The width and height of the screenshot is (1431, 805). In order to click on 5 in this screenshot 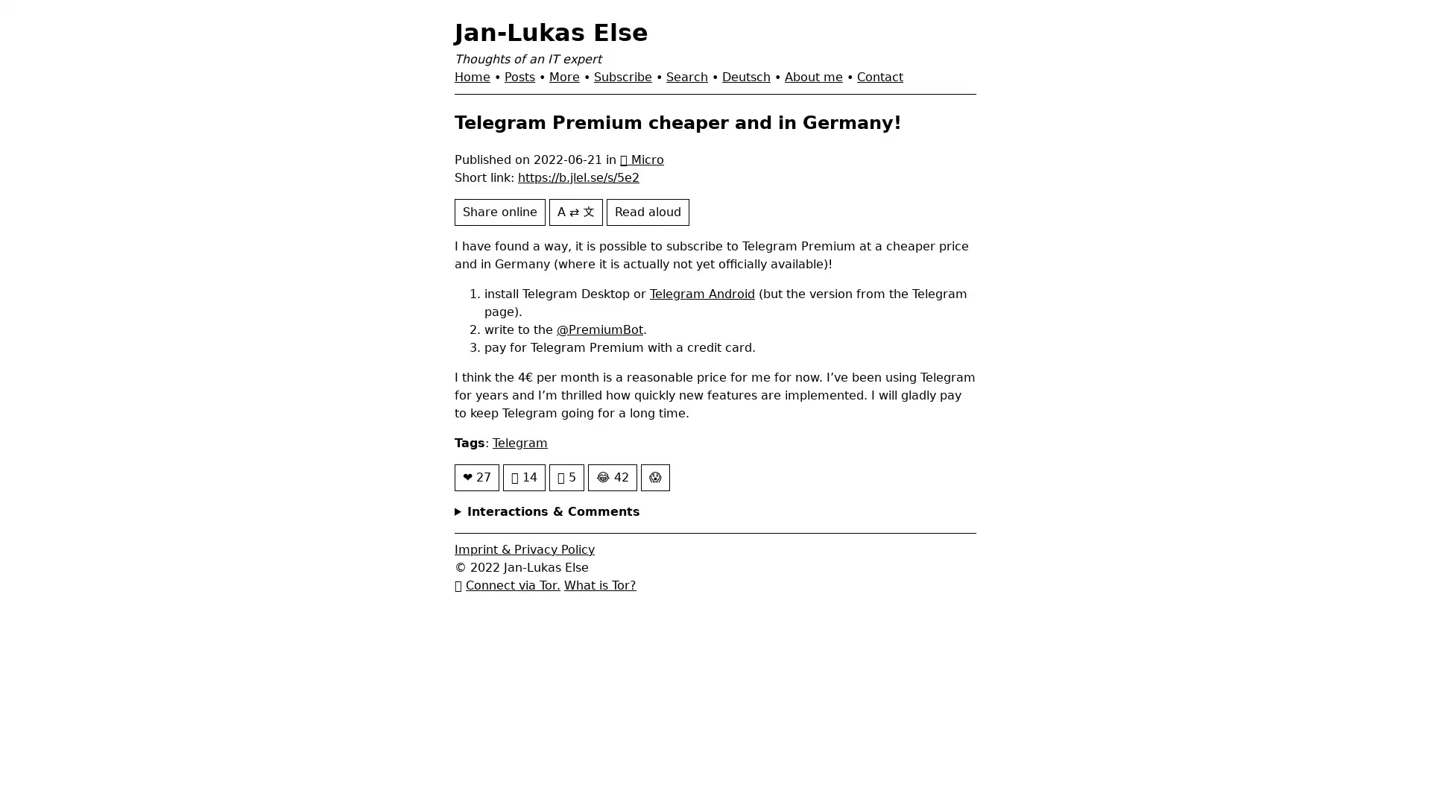, I will do `click(566, 477)`.